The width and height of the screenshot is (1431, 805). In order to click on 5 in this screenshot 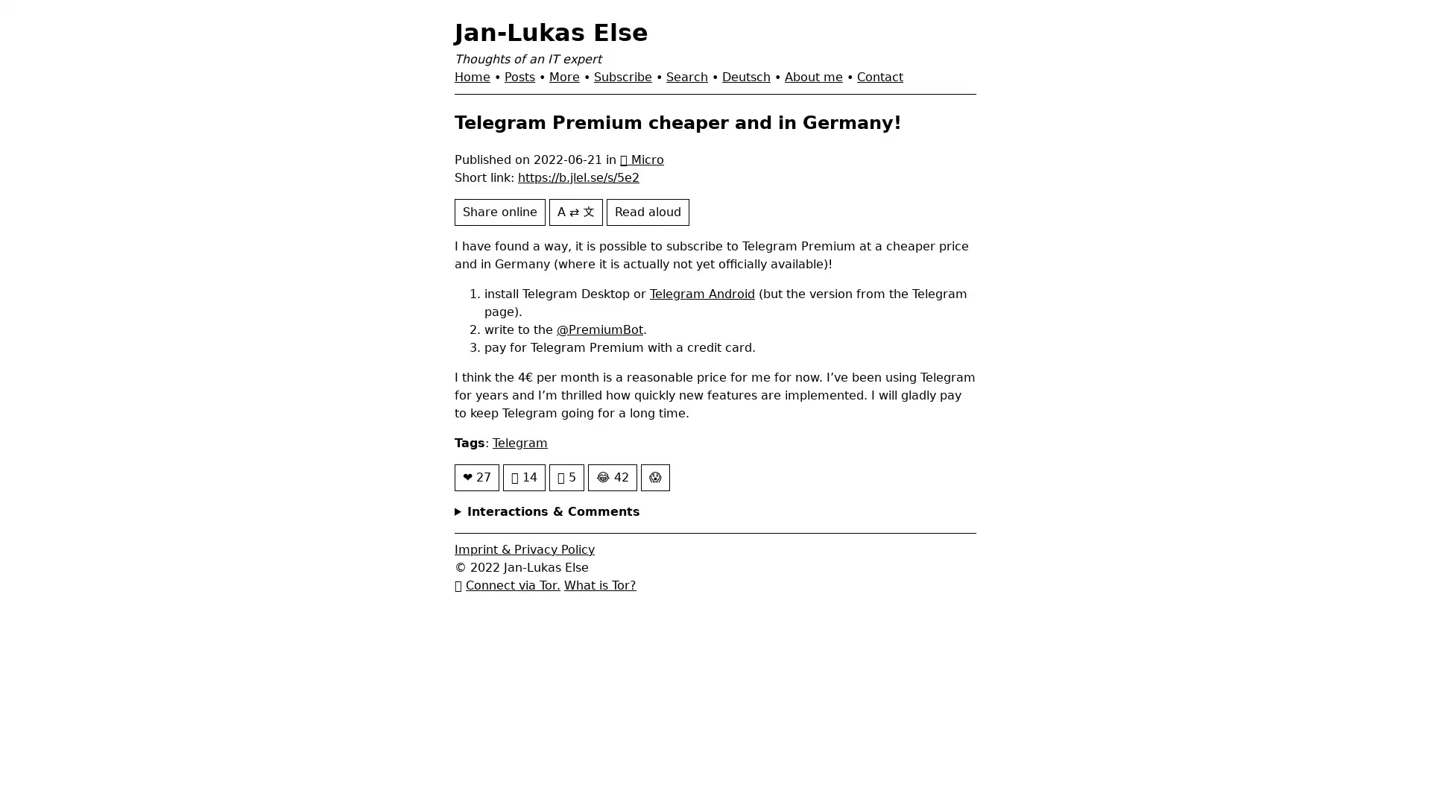, I will do `click(566, 477)`.